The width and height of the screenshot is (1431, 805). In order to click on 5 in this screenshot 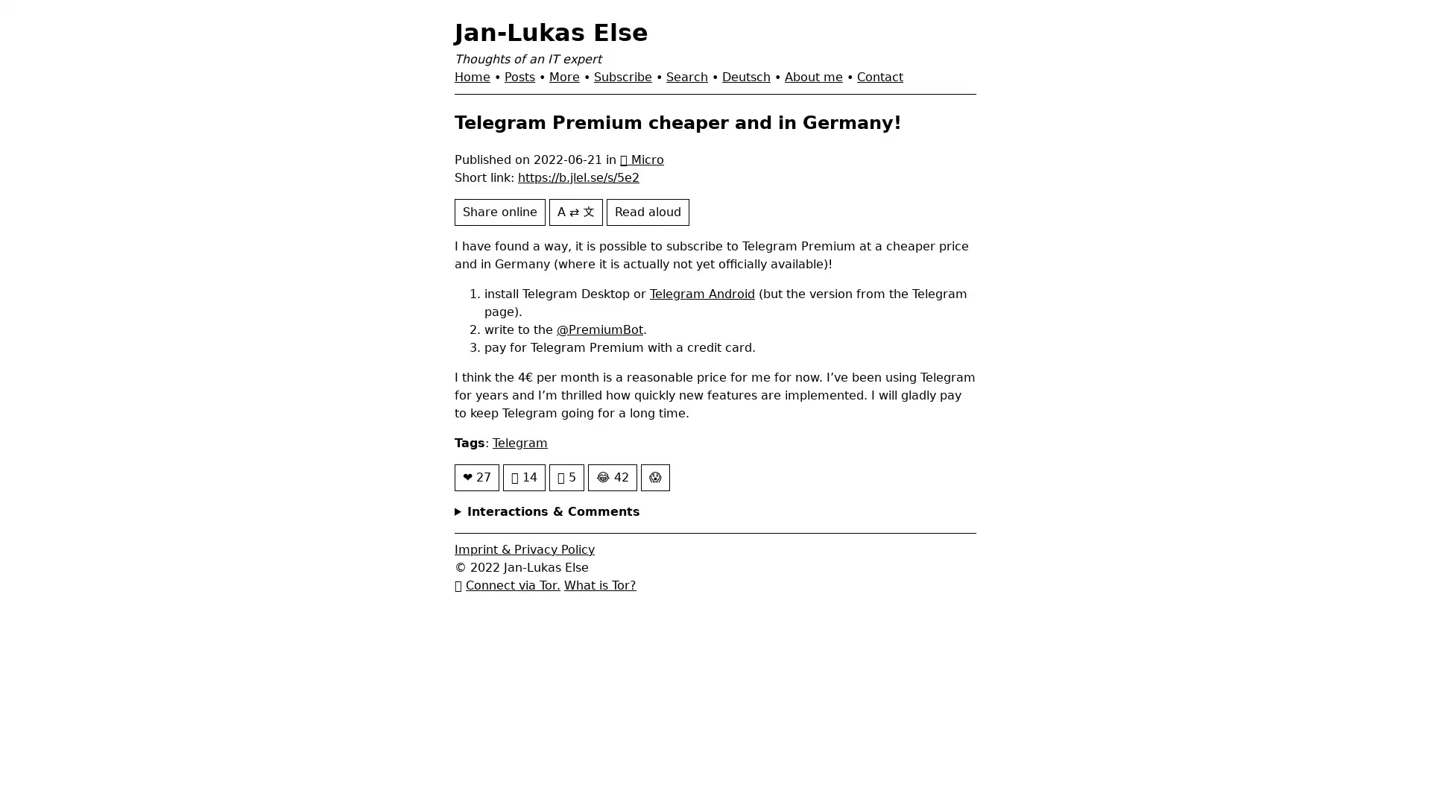, I will do `click(566, 477)`.